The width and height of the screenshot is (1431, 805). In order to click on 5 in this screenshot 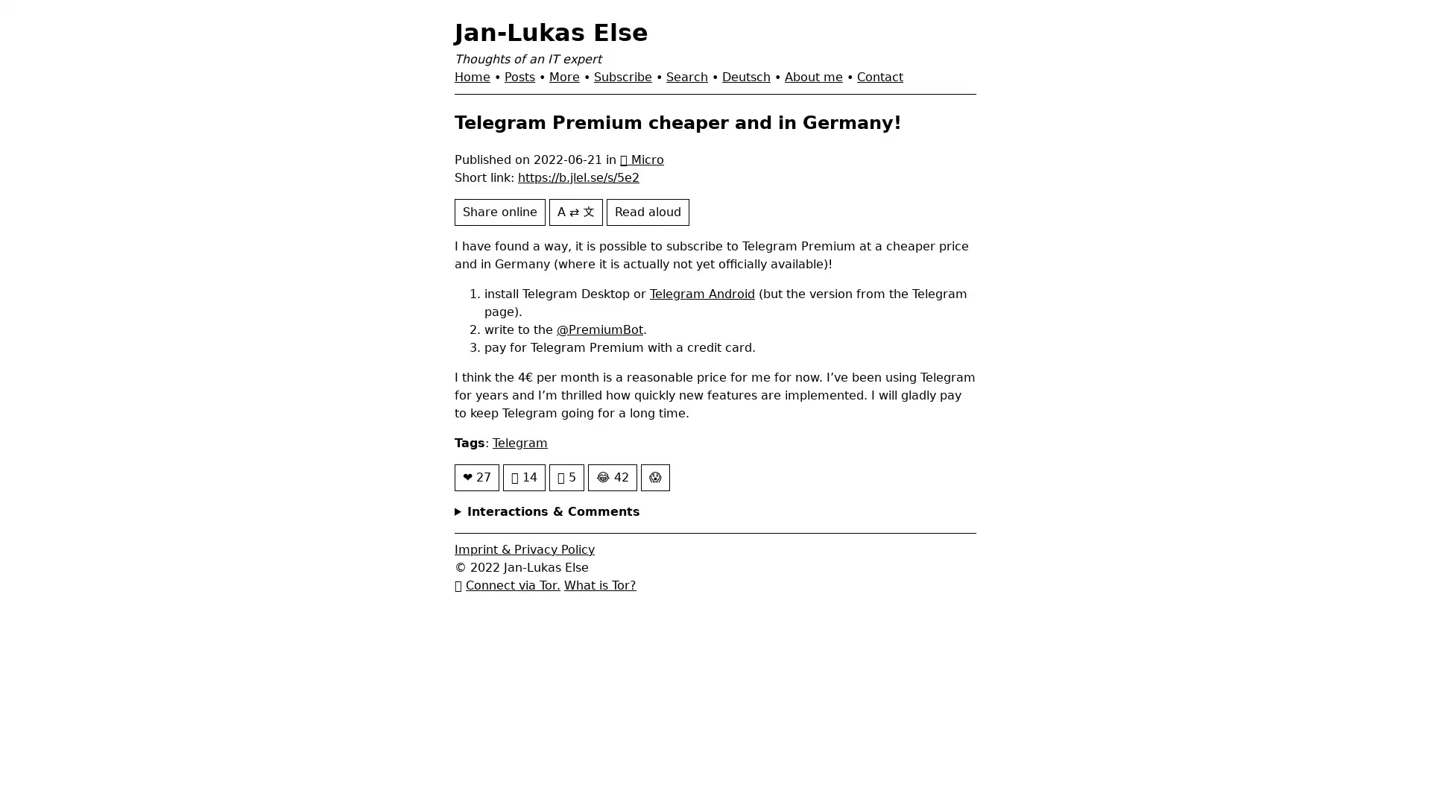, I will do `click(566, 477)`.